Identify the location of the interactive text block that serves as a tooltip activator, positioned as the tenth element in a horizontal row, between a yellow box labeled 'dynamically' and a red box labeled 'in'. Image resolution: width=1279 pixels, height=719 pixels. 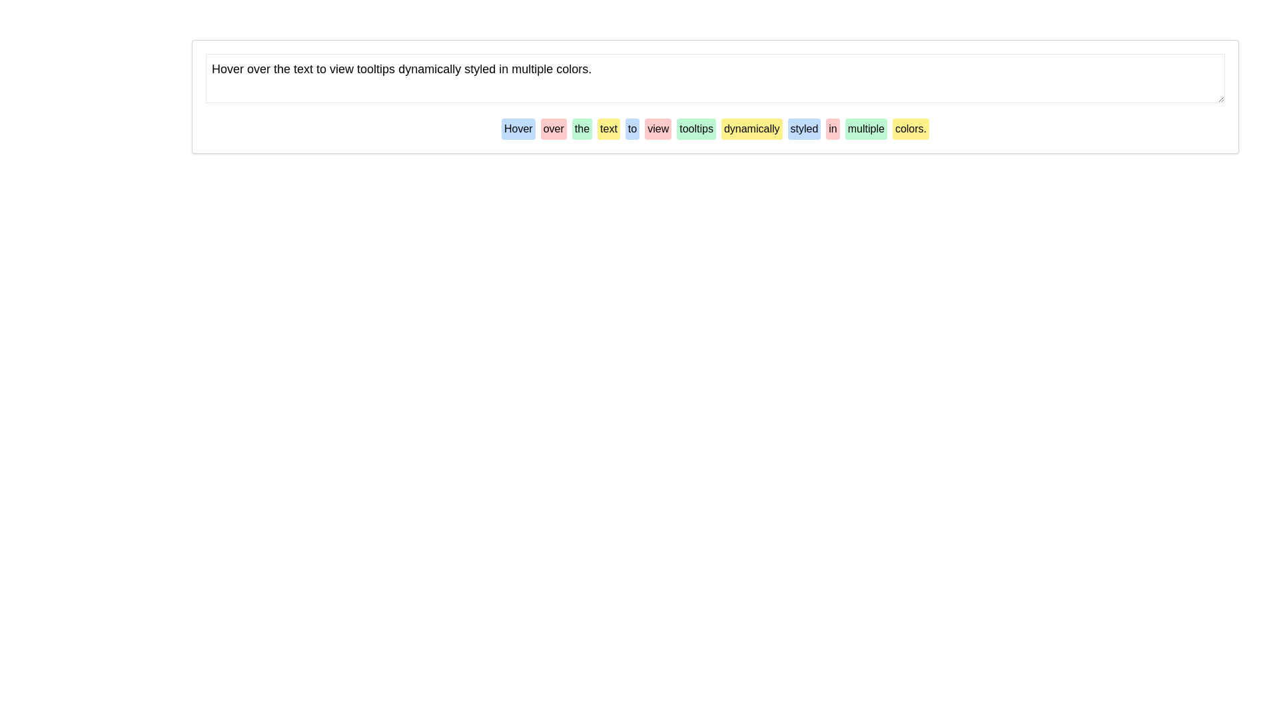
(803, 128).